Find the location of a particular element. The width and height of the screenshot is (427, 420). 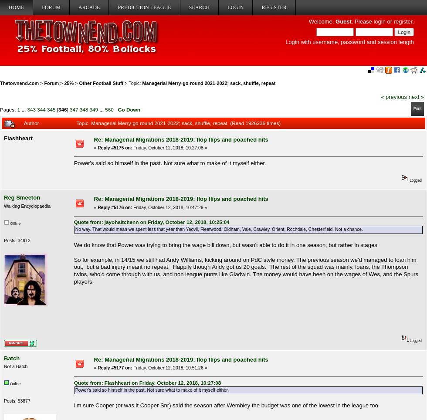

'343' is located at coordinates (31, 109).